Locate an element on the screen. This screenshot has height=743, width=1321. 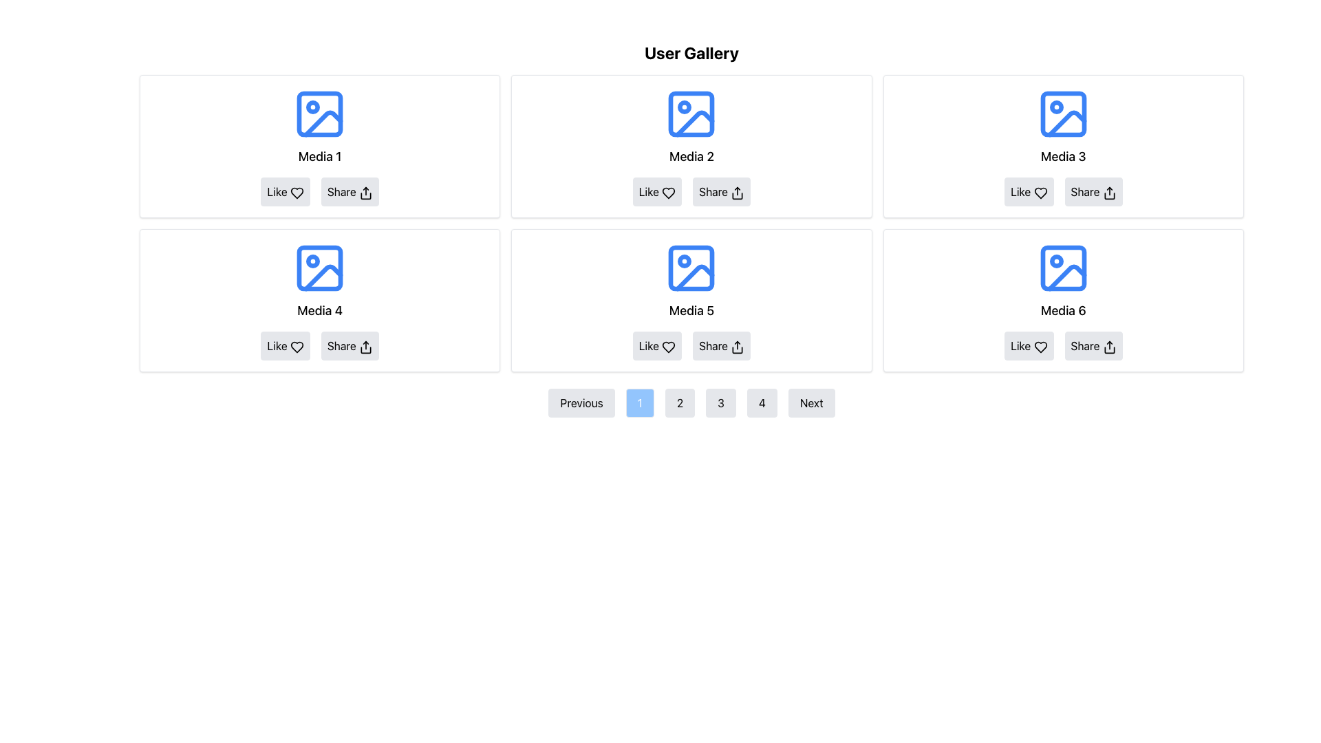
the heart-shaped icon located below the 'Media 4' section is located at coordinates (296, 346).